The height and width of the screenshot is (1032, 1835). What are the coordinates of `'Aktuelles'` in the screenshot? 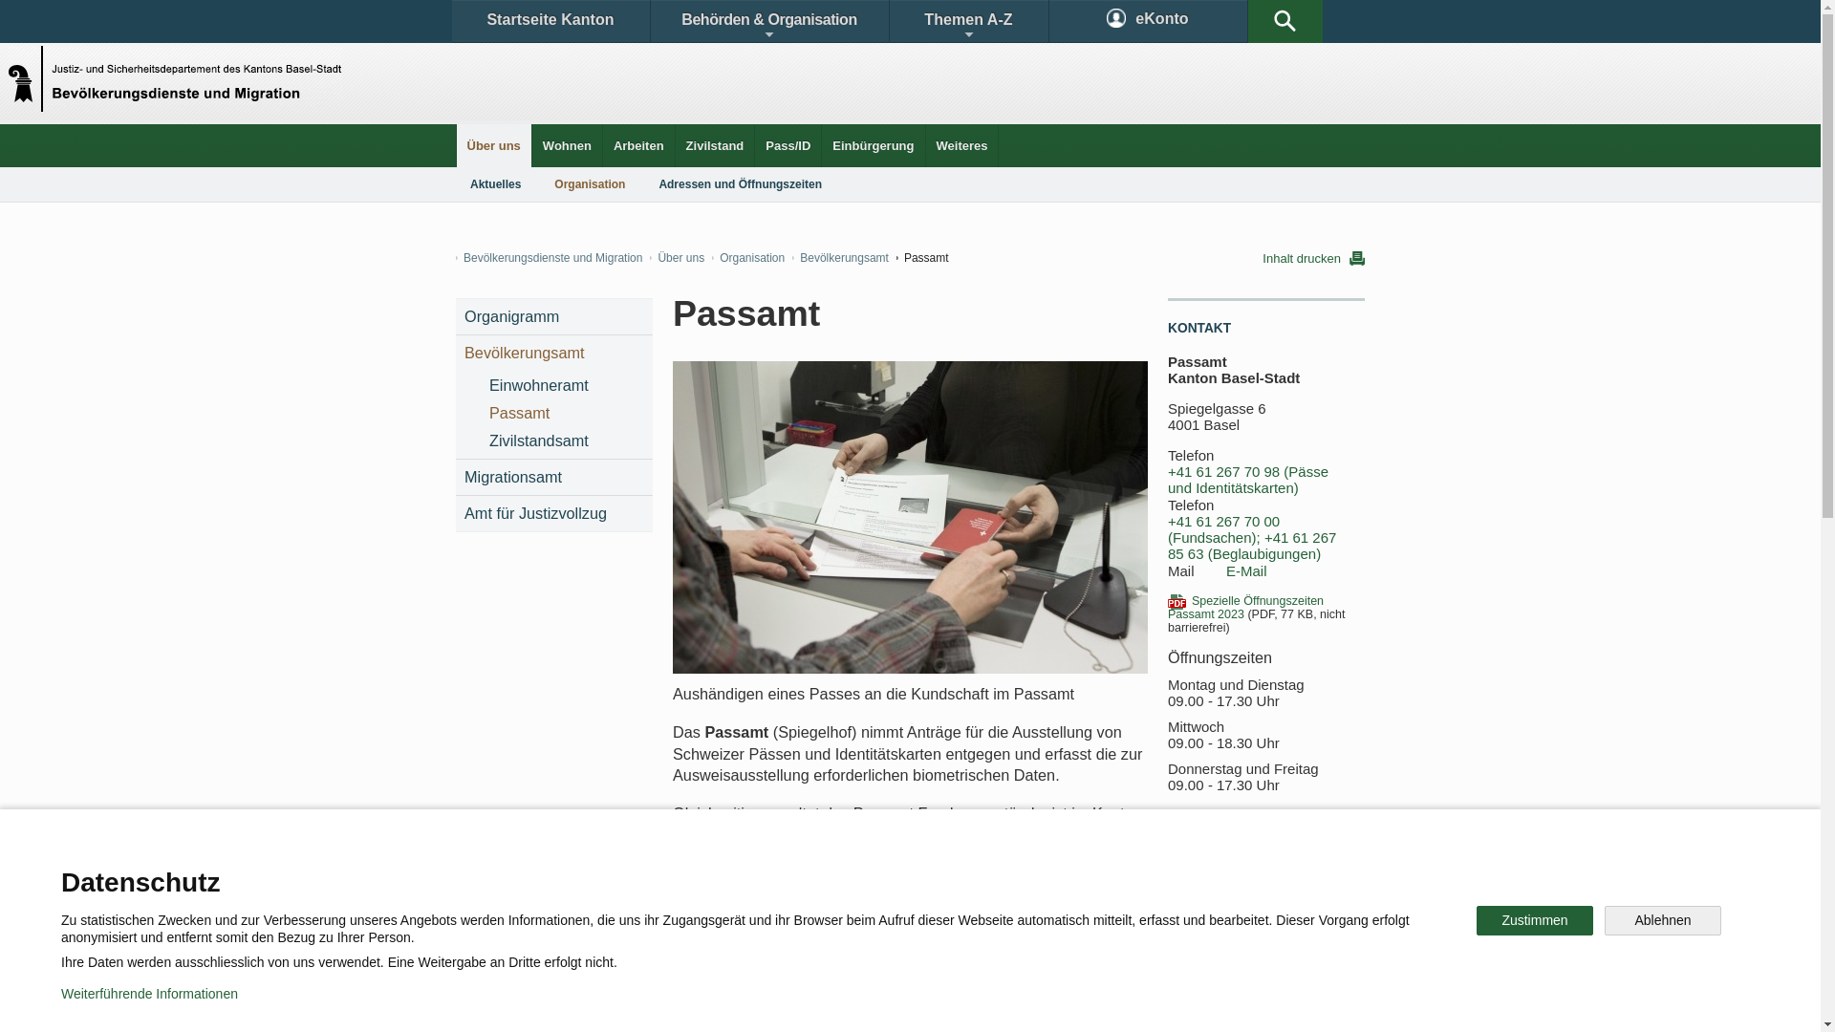 It's located at (495, 183).